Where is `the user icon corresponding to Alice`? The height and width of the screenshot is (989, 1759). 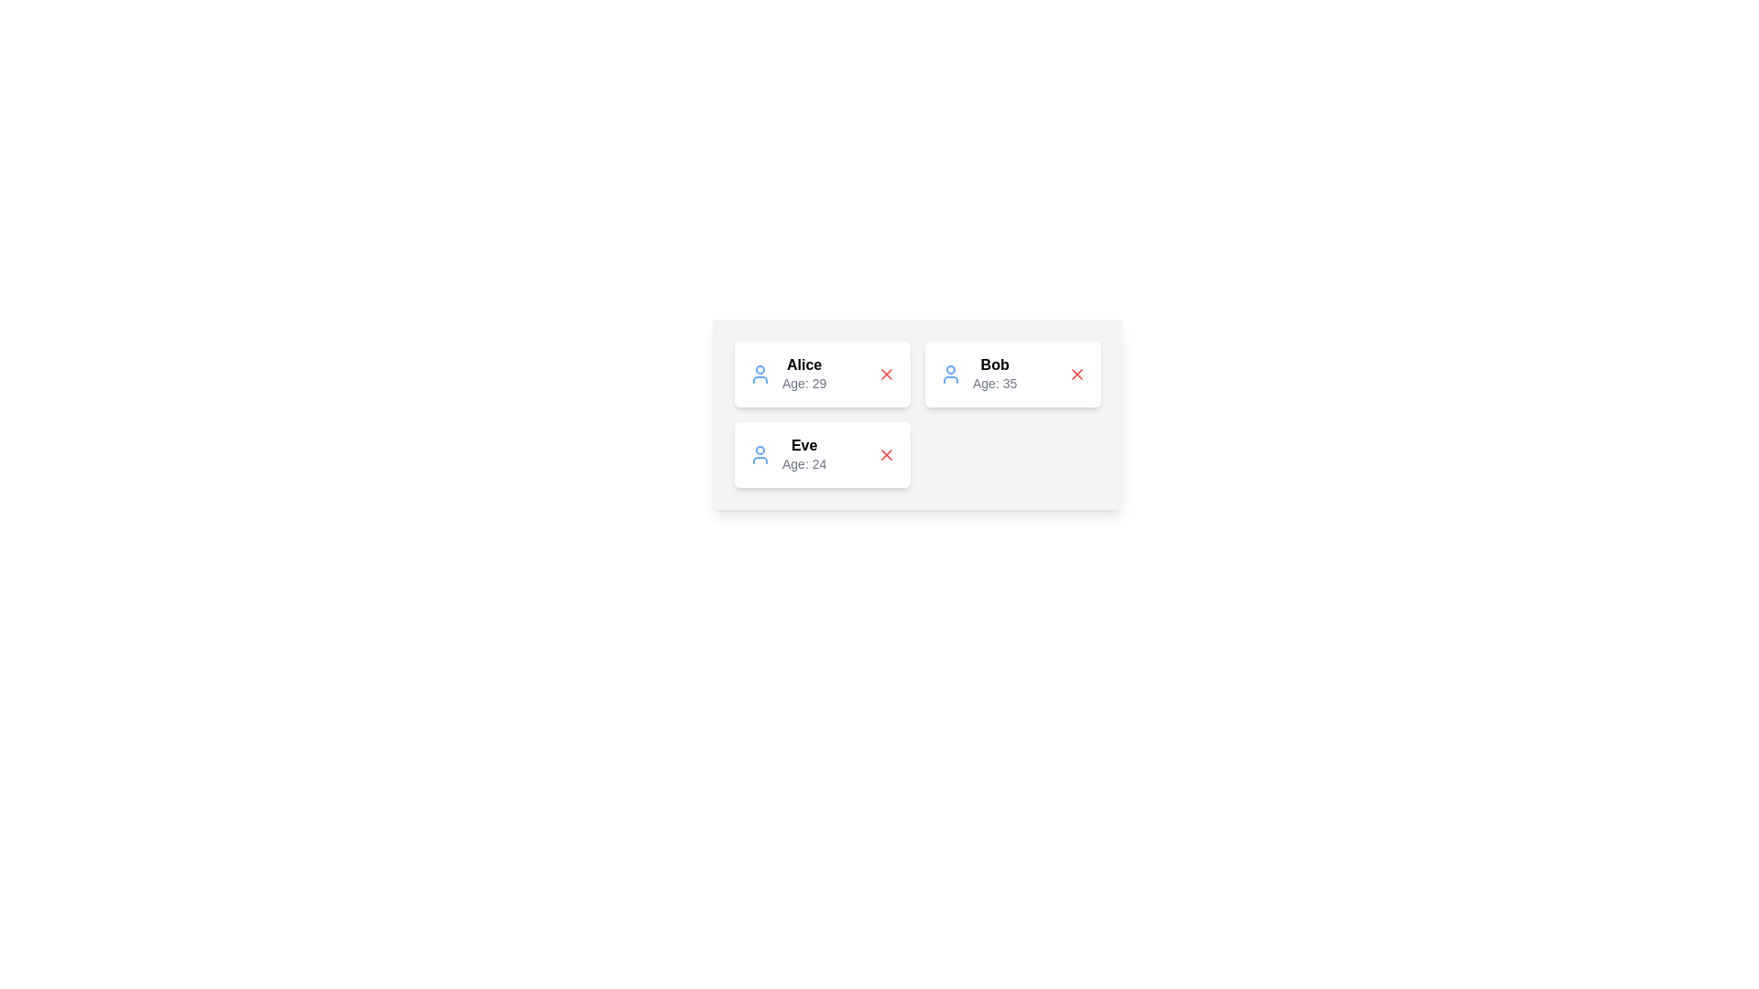 the user icon corresponding to Alice is located at coordinates (760, 373).